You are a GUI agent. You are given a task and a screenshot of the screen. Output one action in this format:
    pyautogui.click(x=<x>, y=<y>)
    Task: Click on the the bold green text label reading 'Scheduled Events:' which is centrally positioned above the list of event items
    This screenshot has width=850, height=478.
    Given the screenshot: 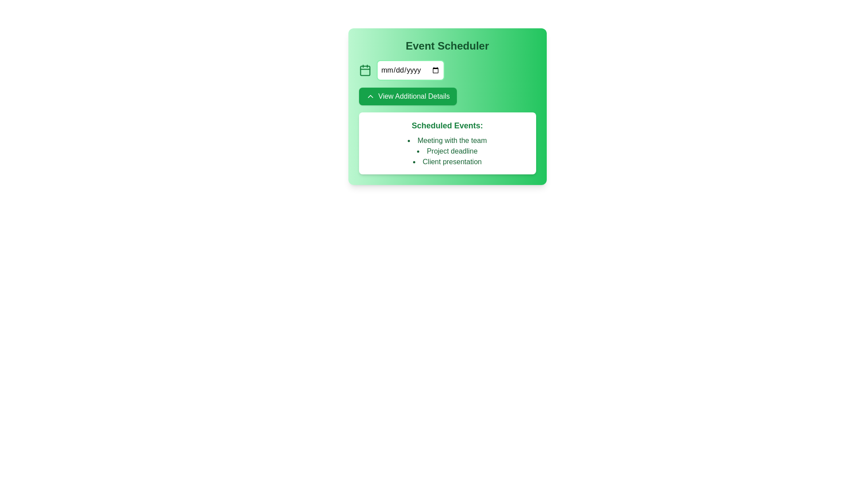 What is the action you would take?
    pyautogui.click(x=447, y=126)
    